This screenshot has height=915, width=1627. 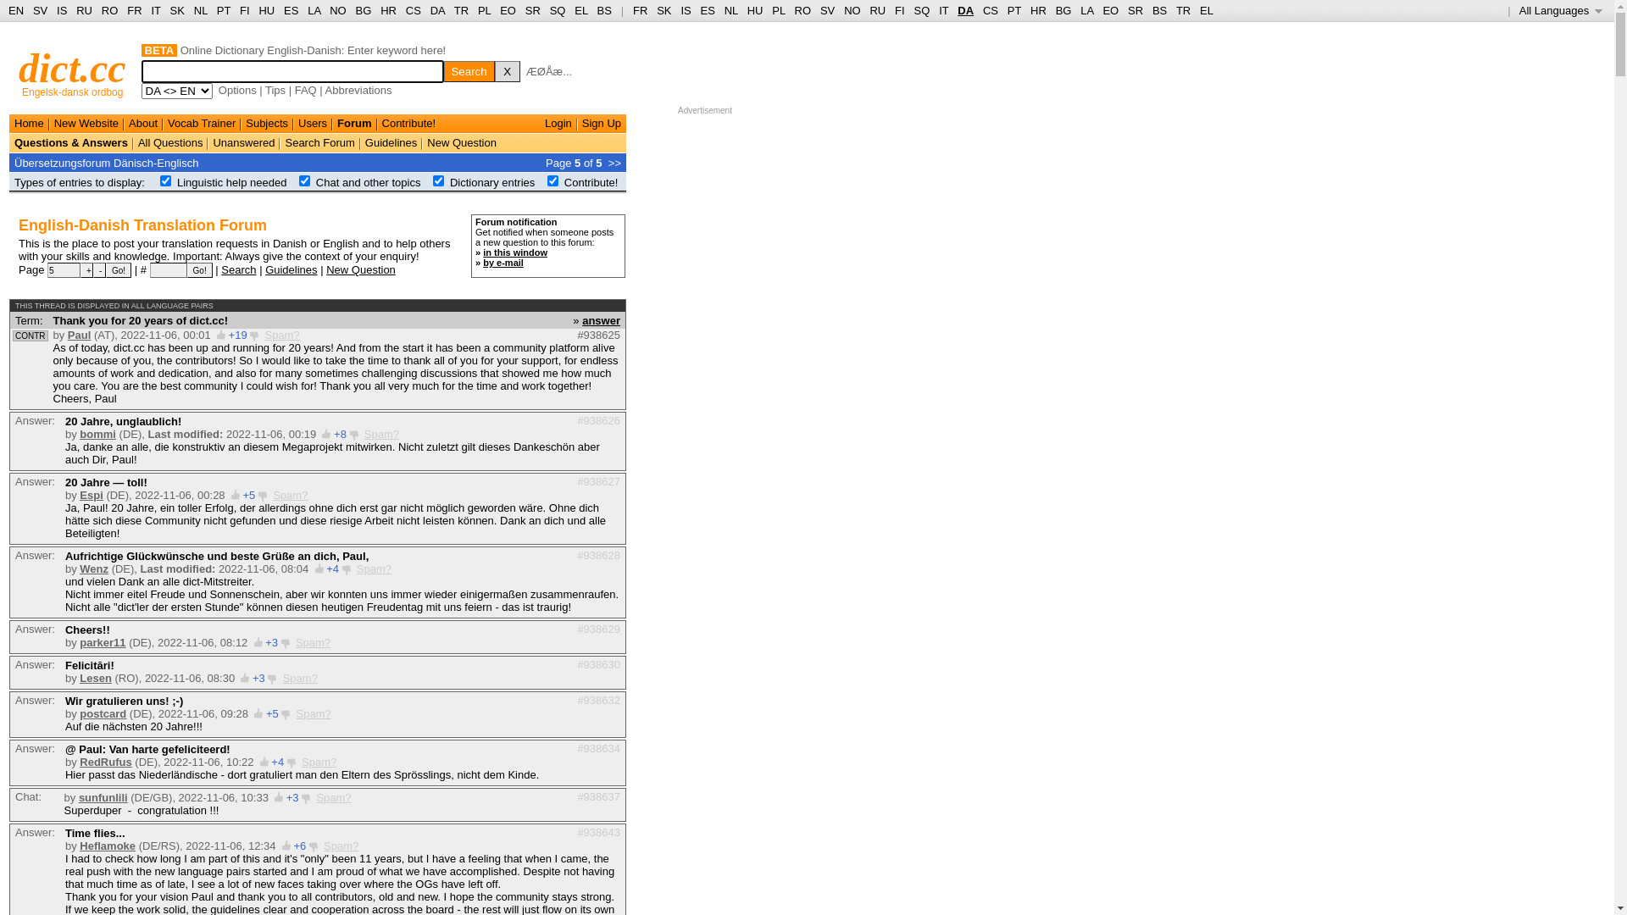 I want to click on 'EL', so click(x=580, y=10).